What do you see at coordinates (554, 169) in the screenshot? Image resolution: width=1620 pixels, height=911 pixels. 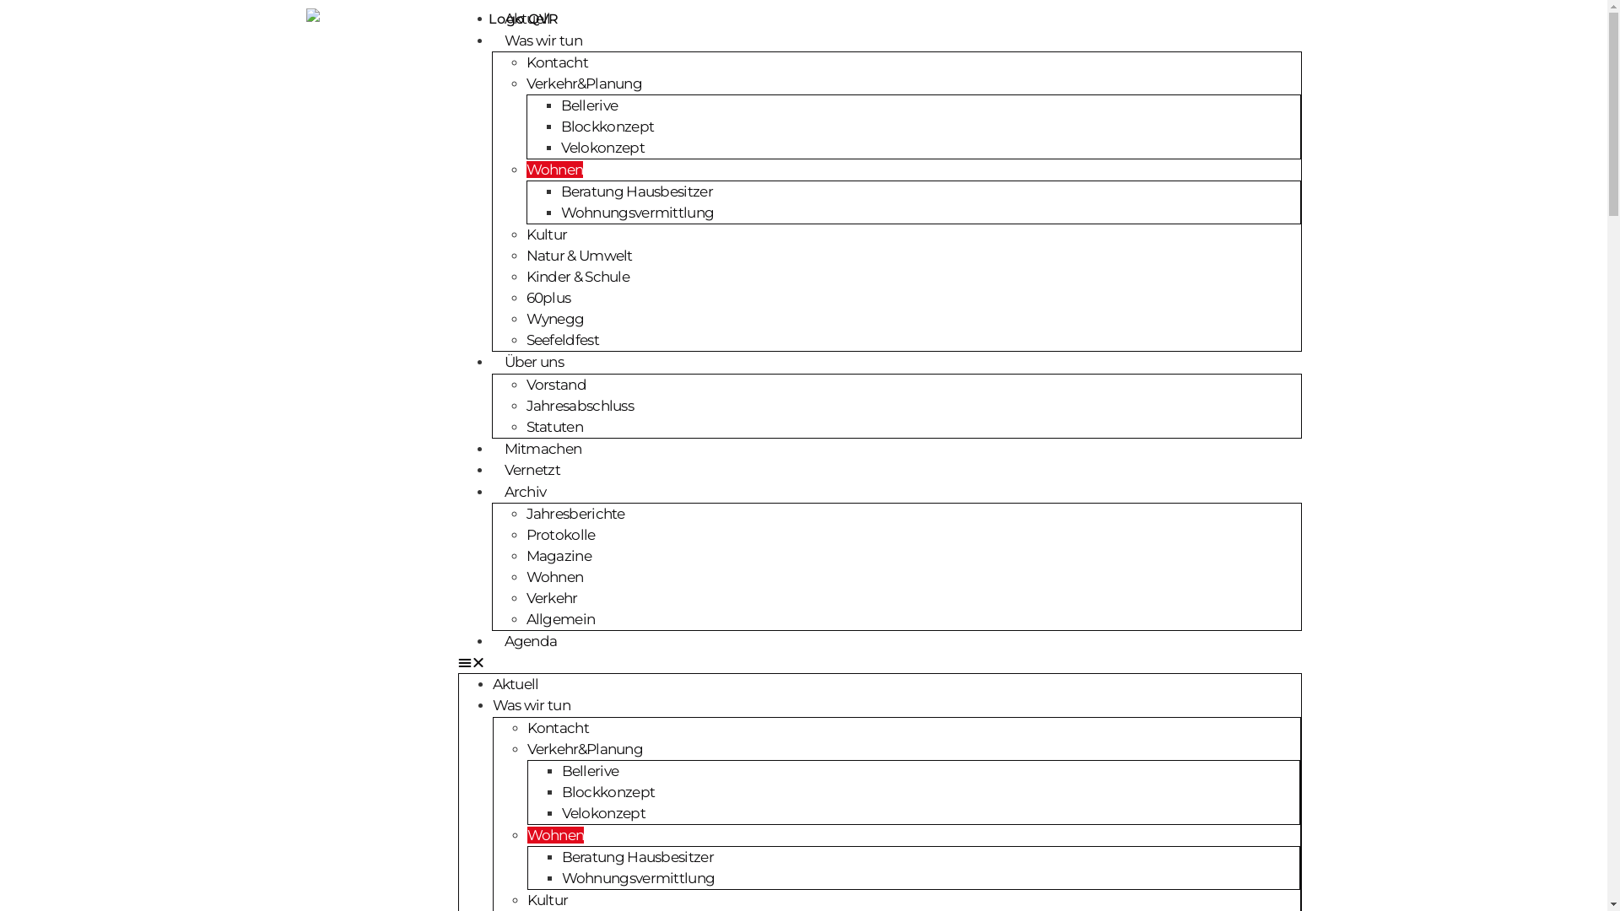 I see `'Wohnen'` at bounding box center [554, 169].